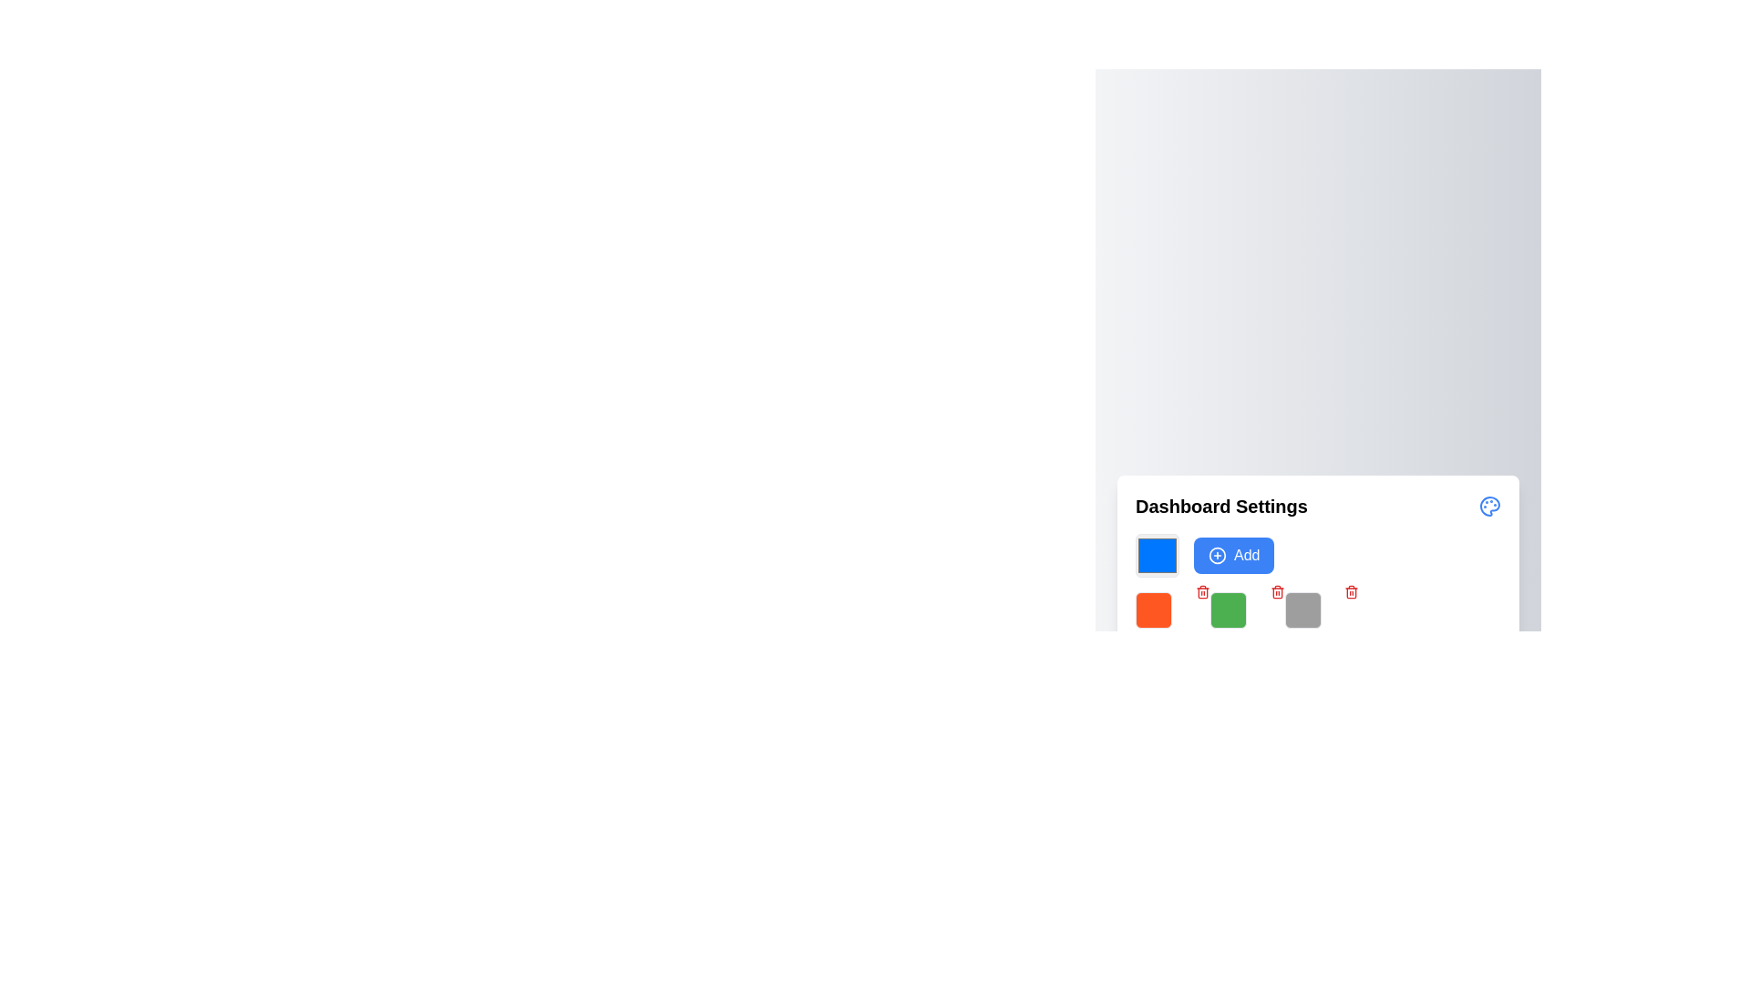  What do you see at coordinates (1228, 610) in the screenshot?
I see `the green square color selector in the Dashboard Settings section` at bounding box center [1228, 610].